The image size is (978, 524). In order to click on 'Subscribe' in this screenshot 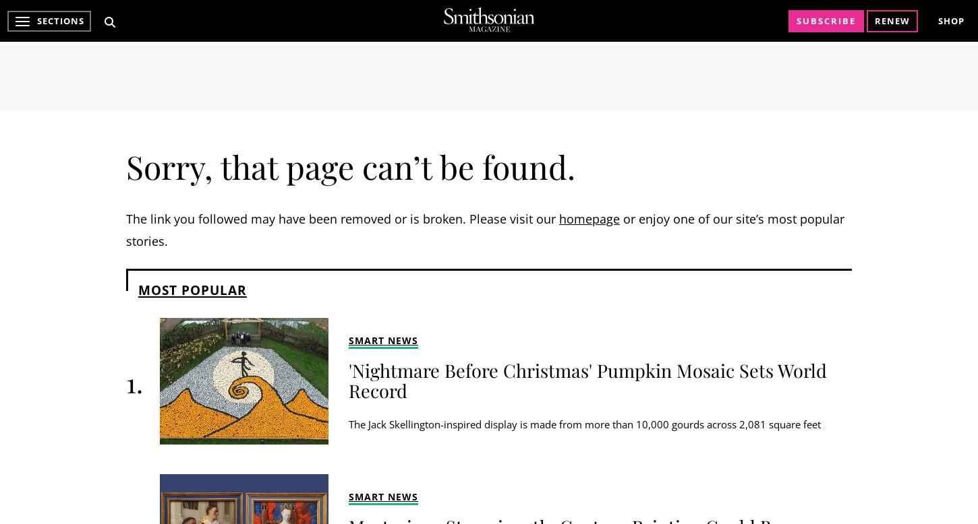, I will do `click(826, 20)`.